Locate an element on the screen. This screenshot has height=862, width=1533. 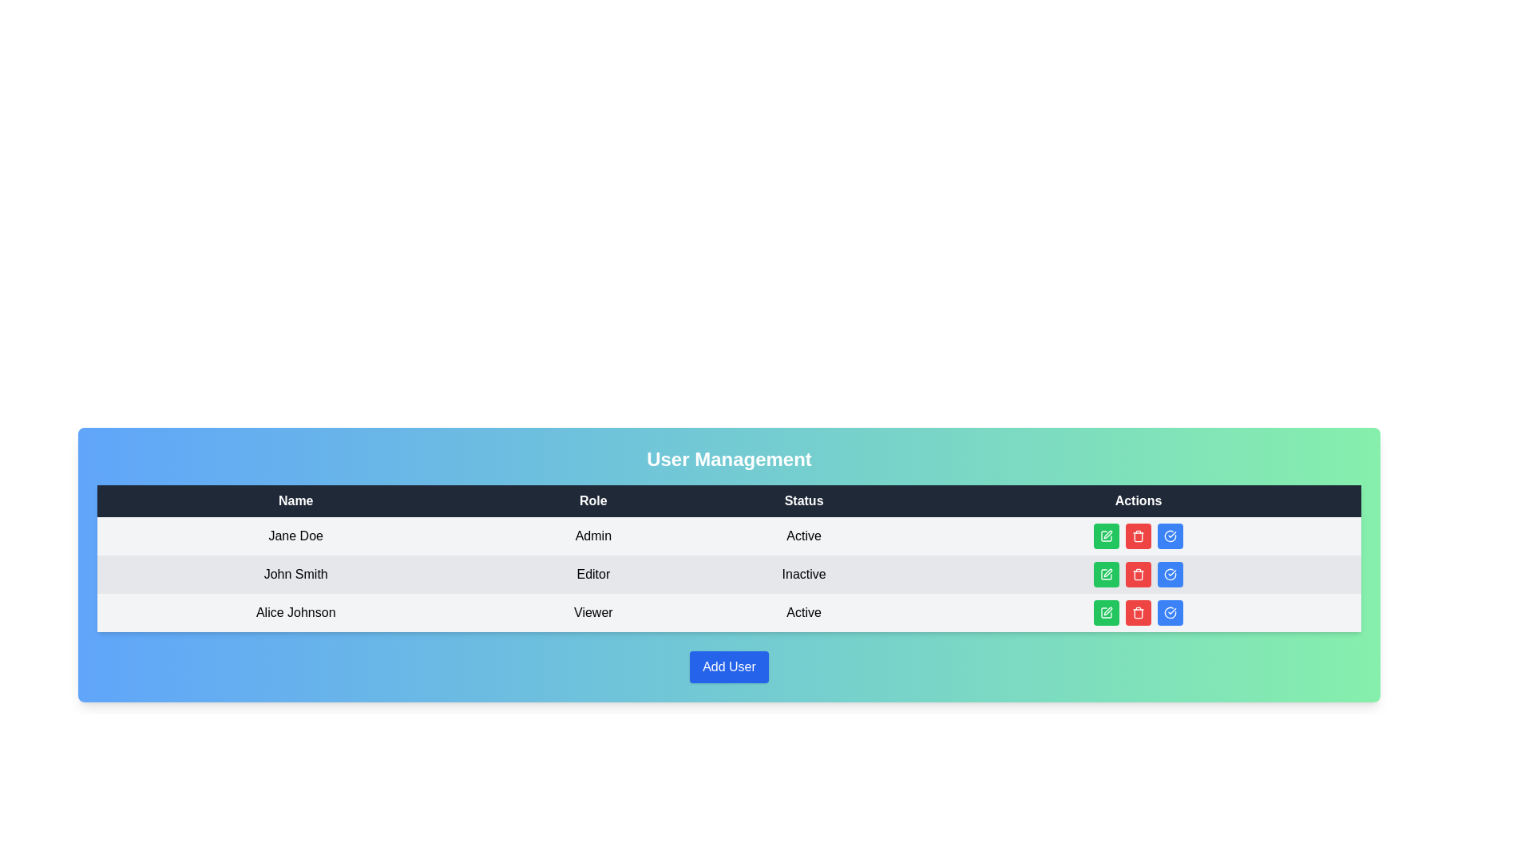
the text label indicating 'John Smith' as 'Editor', located in the second column of the second row of the table, under the 'Name' column and to the left of the 'Status' column labeled 'Inactive' is located at coordinates (592, 575).